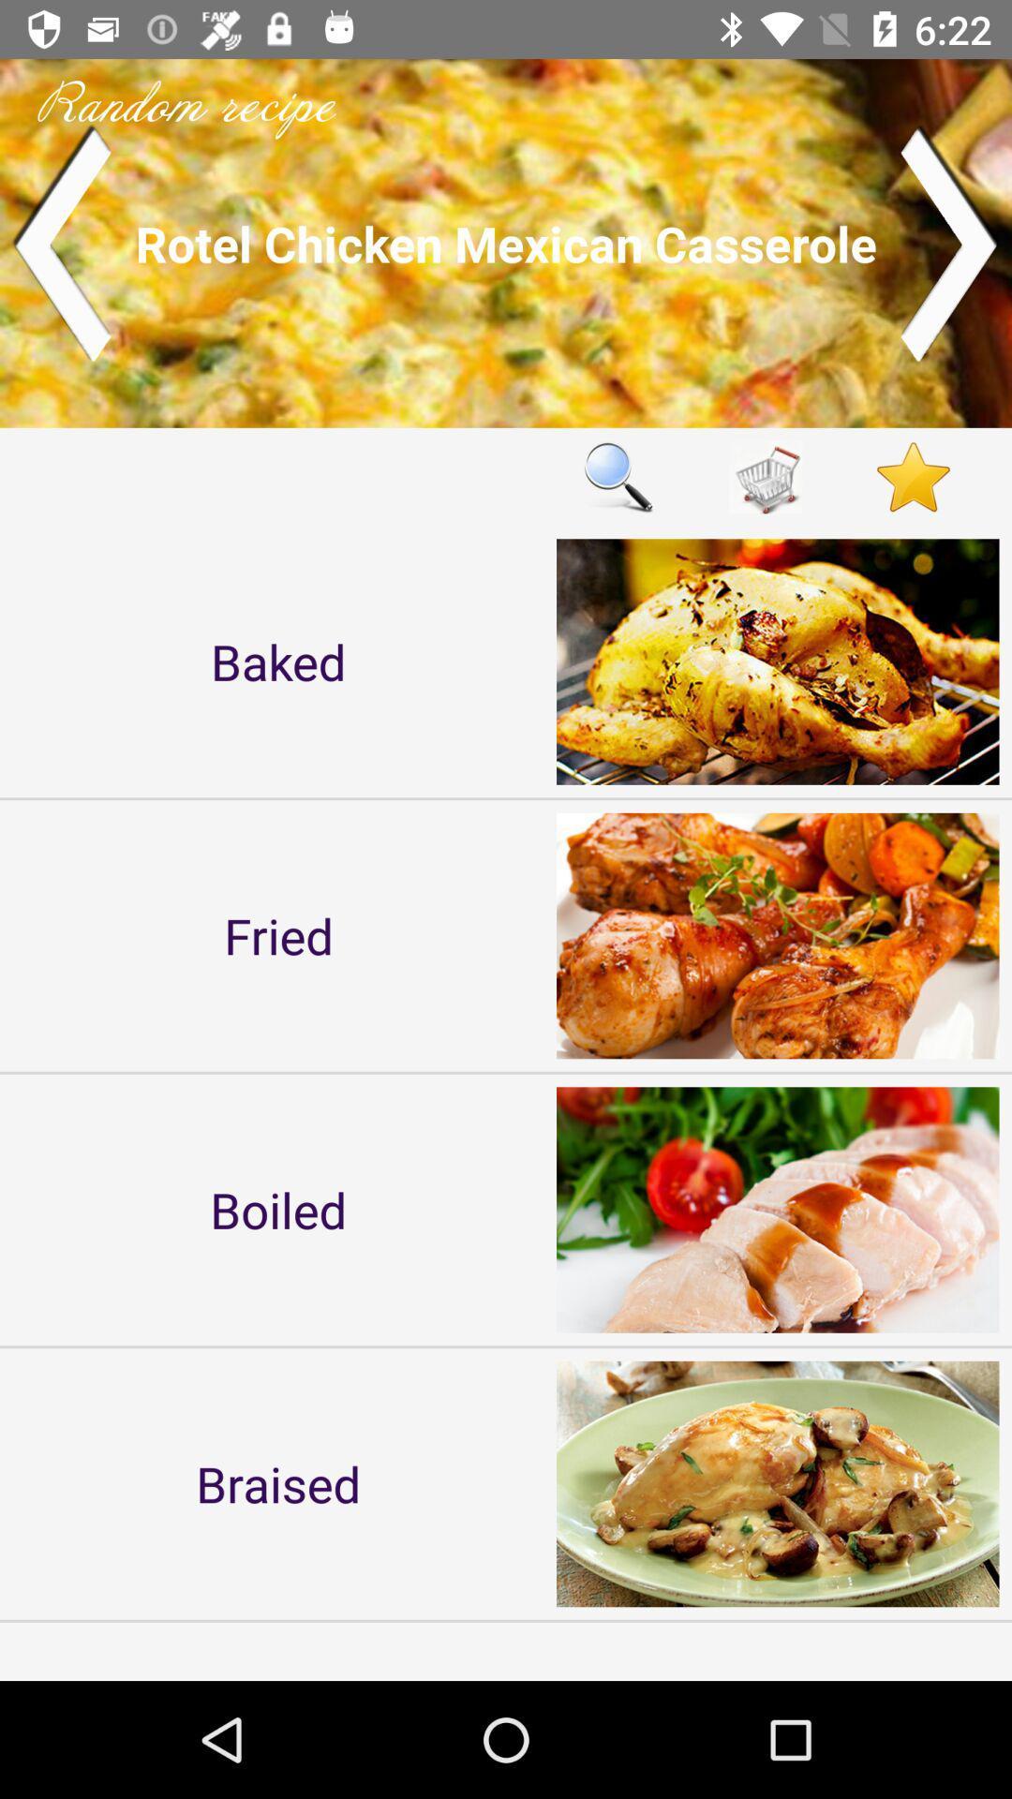  Describe the element at coordinates (913, 477) in the screenshot. I see `rate foods` at that location.